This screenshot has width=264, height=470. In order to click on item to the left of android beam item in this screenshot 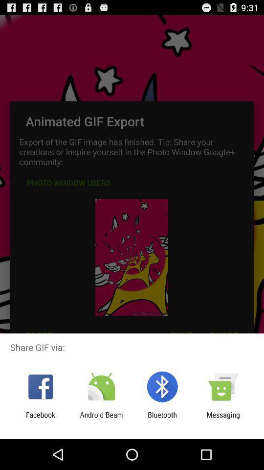, I will do `click(40, 419)`.